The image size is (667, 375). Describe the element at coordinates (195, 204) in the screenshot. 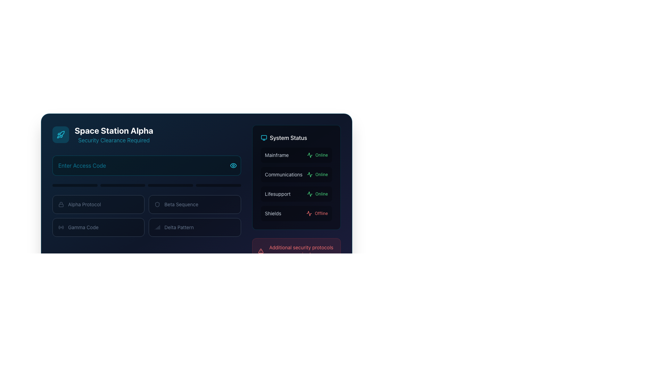

I see `the 'Beta Sequence' label with icon, which features a light text label and a shield icon on a dark background, located in the lower left quadrant of the interface` at that location.